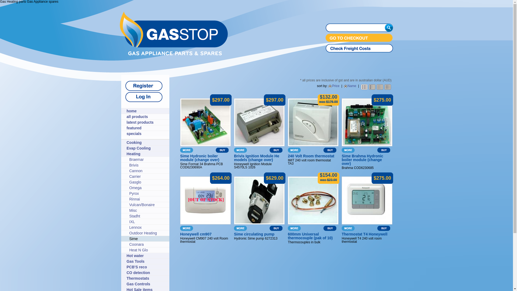 Image resolution: width=517 pixels, height=291 pixels. What do you see at coordinates (146, 111) in the screenshot?
I see `'home'` at bounding box center [146, 111].